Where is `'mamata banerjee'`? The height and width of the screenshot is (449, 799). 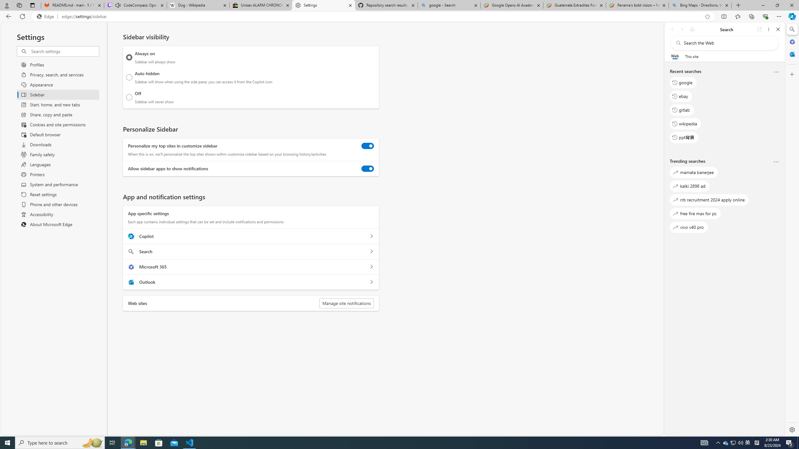 'mamata banerjee' is located at coordinates (693, 172).